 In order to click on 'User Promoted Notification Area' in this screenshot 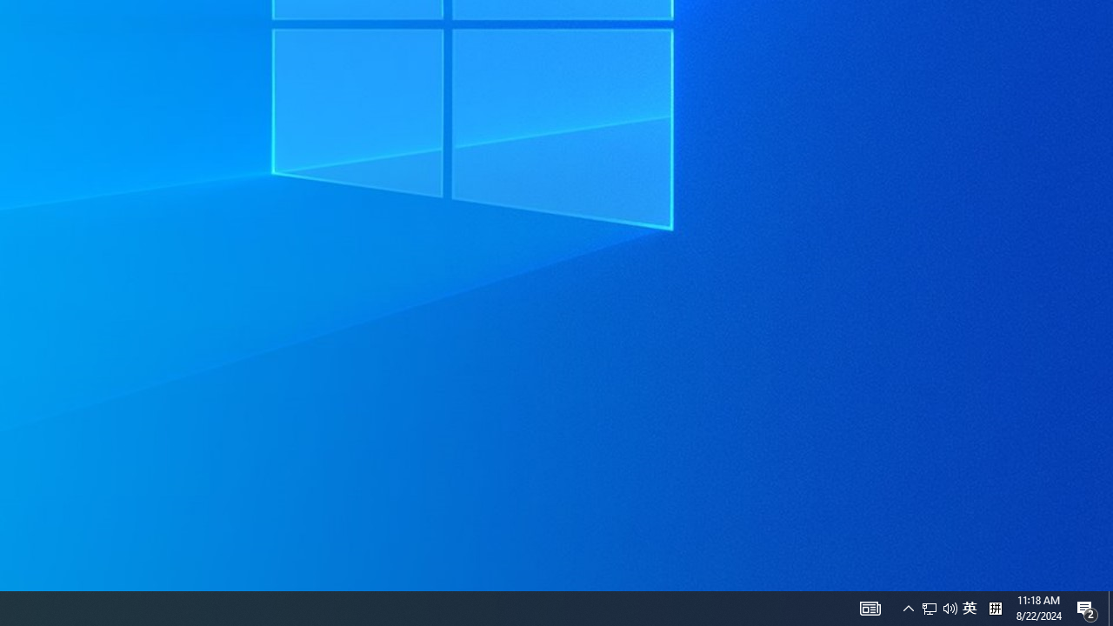, I will do `click(938, 607)`.